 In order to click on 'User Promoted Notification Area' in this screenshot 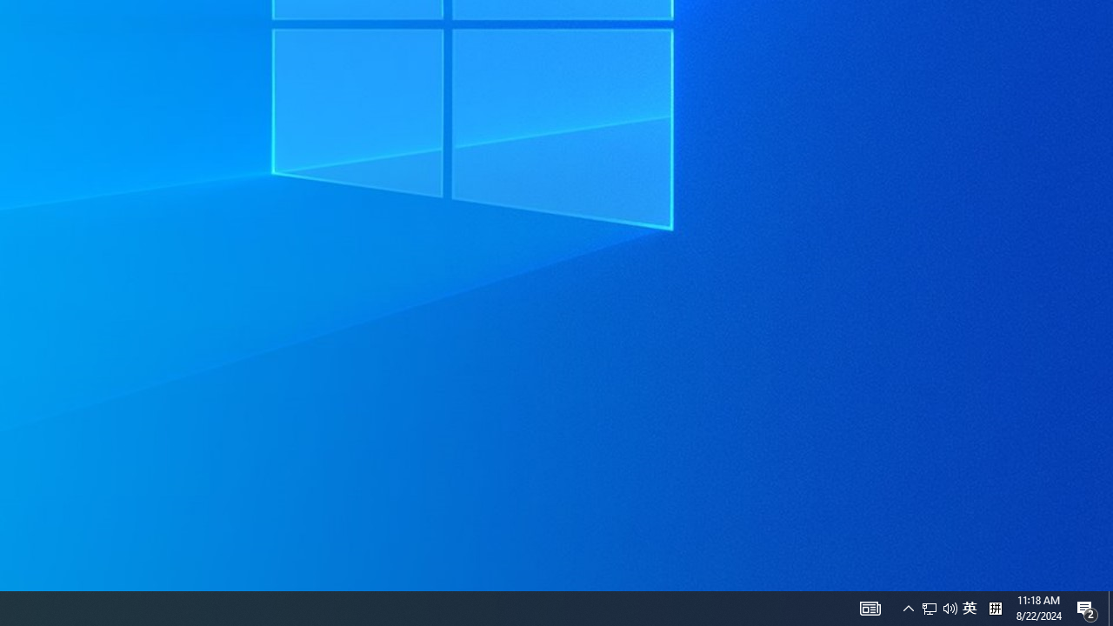, I will do `click(938, 607)`.